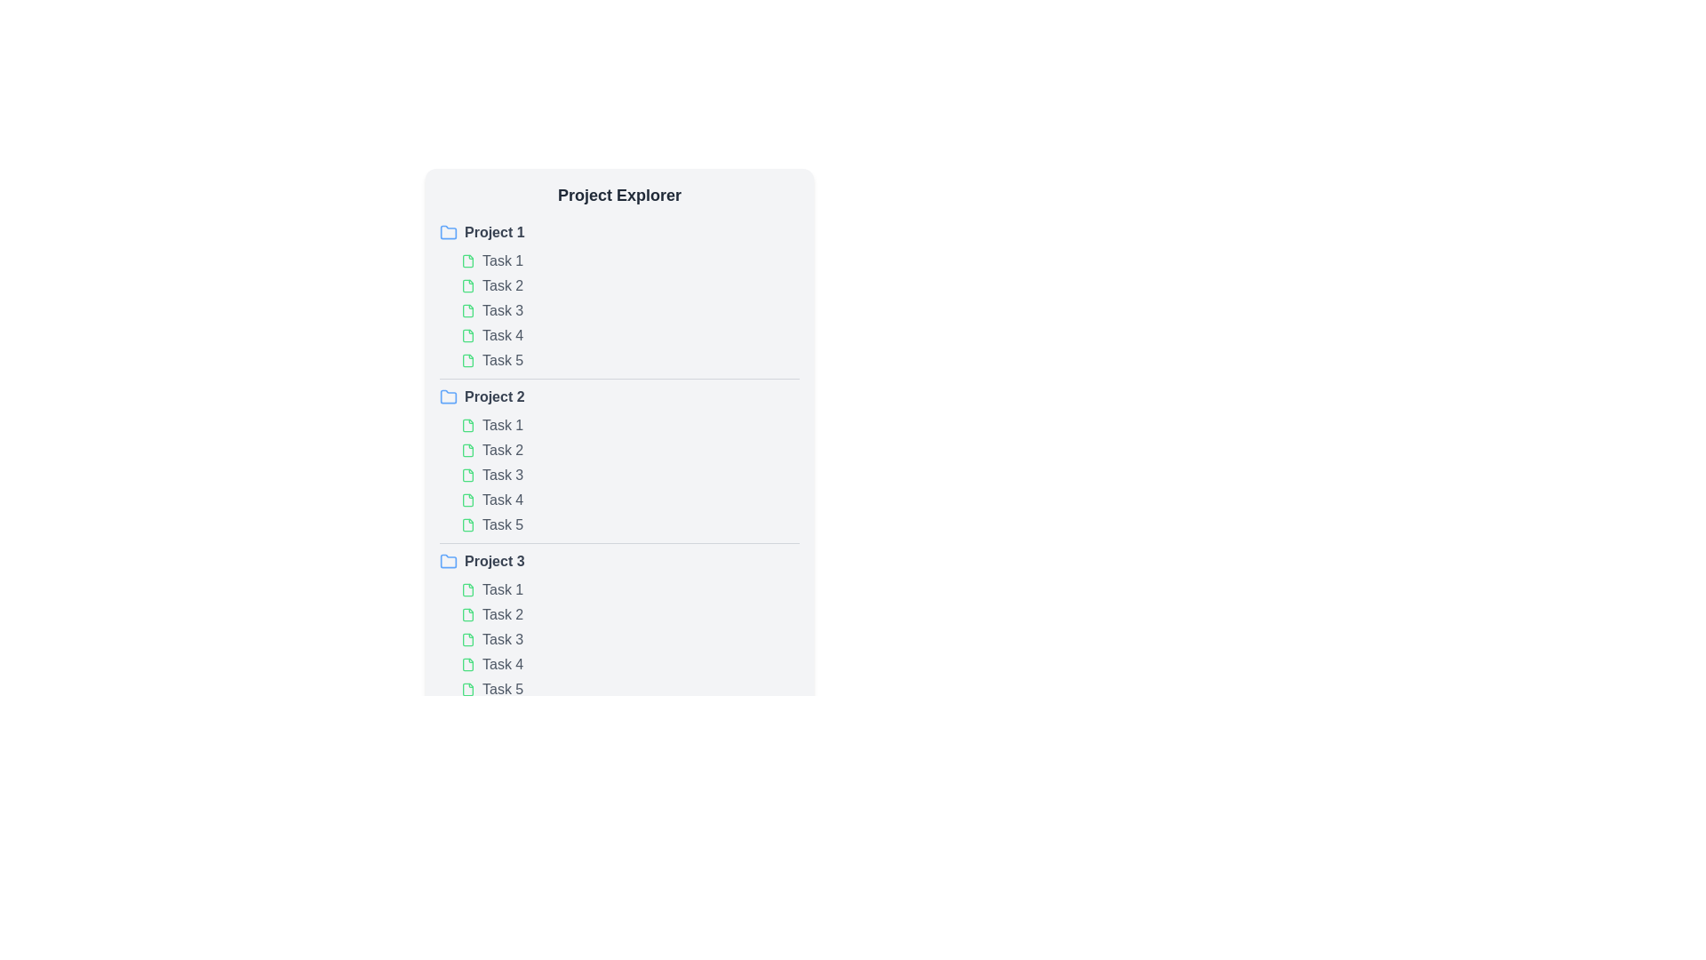 Image resolution: width=1706 pixels, height=960 pixels. Describe the element at coordinates (502, 425) in the screenshot. I see `the text label displaying 'Task 1' in gray font, located in the 'Project 2' section of the task hierarchy` at that location.